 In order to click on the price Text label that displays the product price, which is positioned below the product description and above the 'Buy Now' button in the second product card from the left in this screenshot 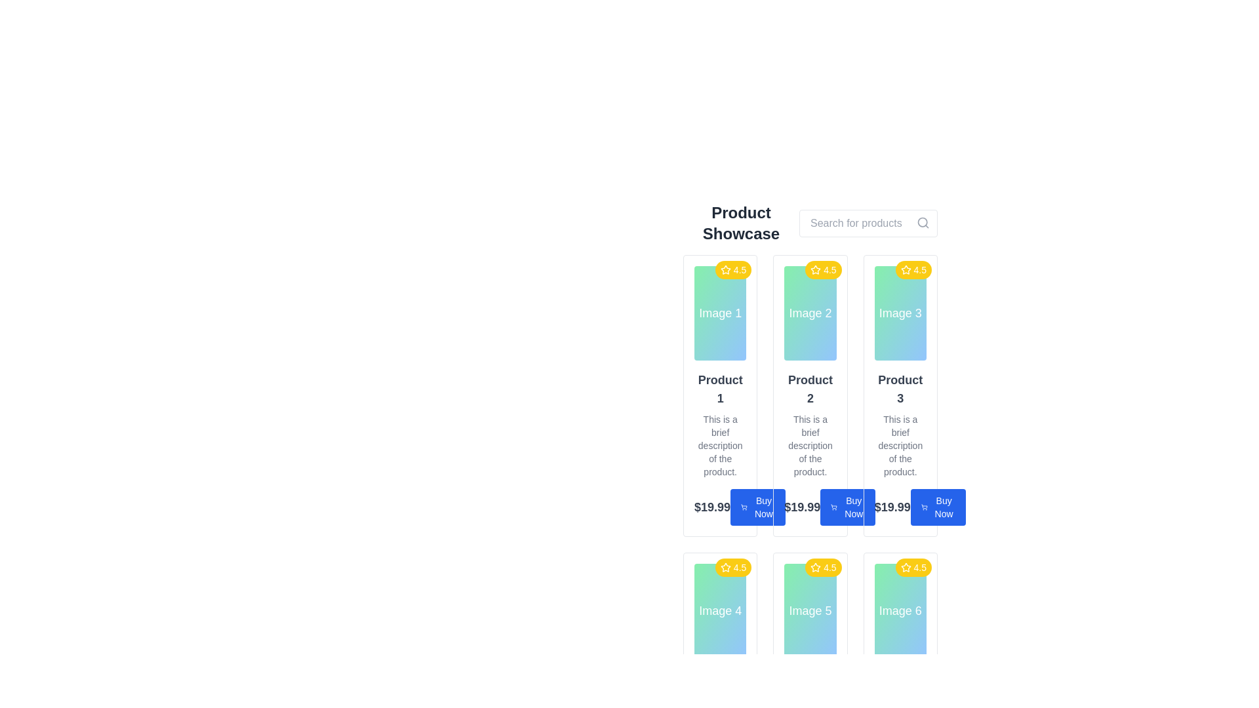, I will do `click(801, 507)`.